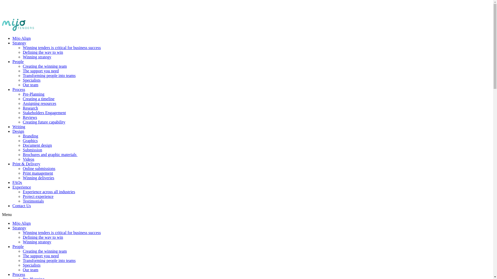  I want to click on 'Strategy', so click(12, 43).